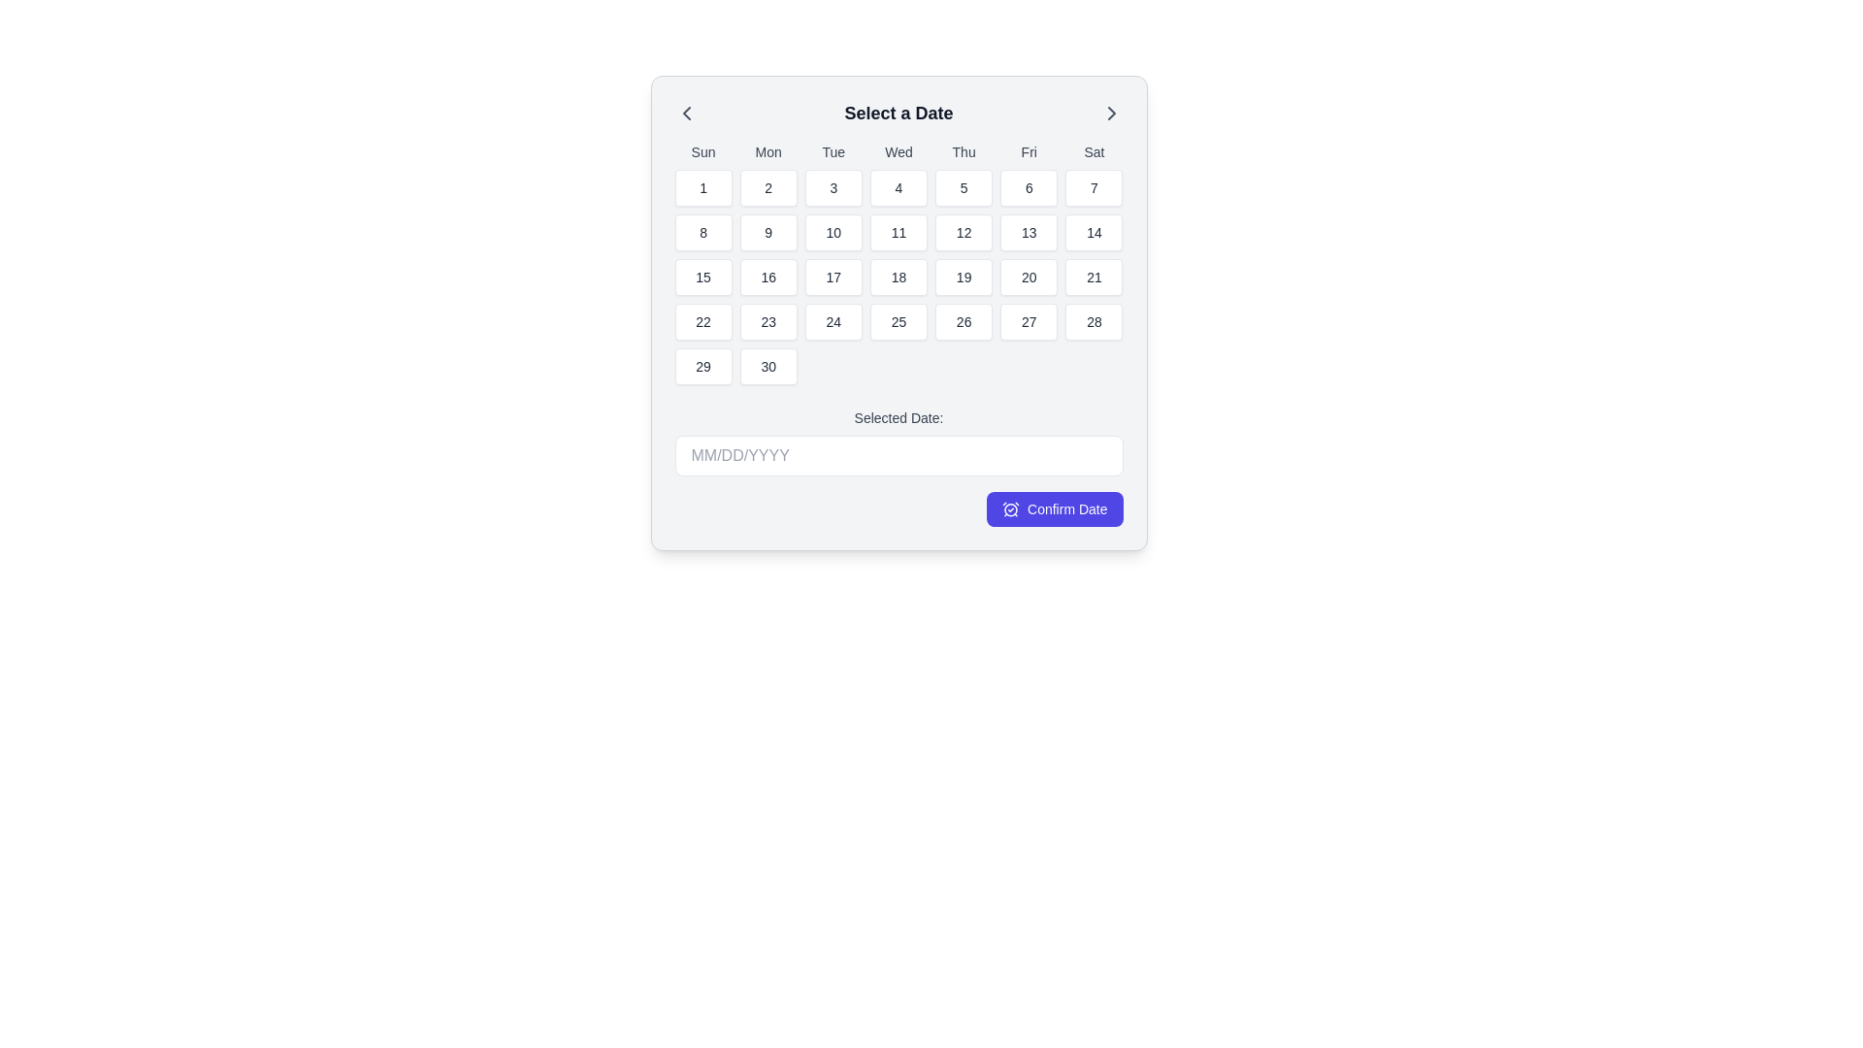 Image resolution: width=1863 pixels, height=1048 pixels. Describe the element at coordinates (964, 151) in the screenshot. I see `the text label indicating 'Thu', which represents Thursday in the calendar layout, located at the top of the interface` at that location.